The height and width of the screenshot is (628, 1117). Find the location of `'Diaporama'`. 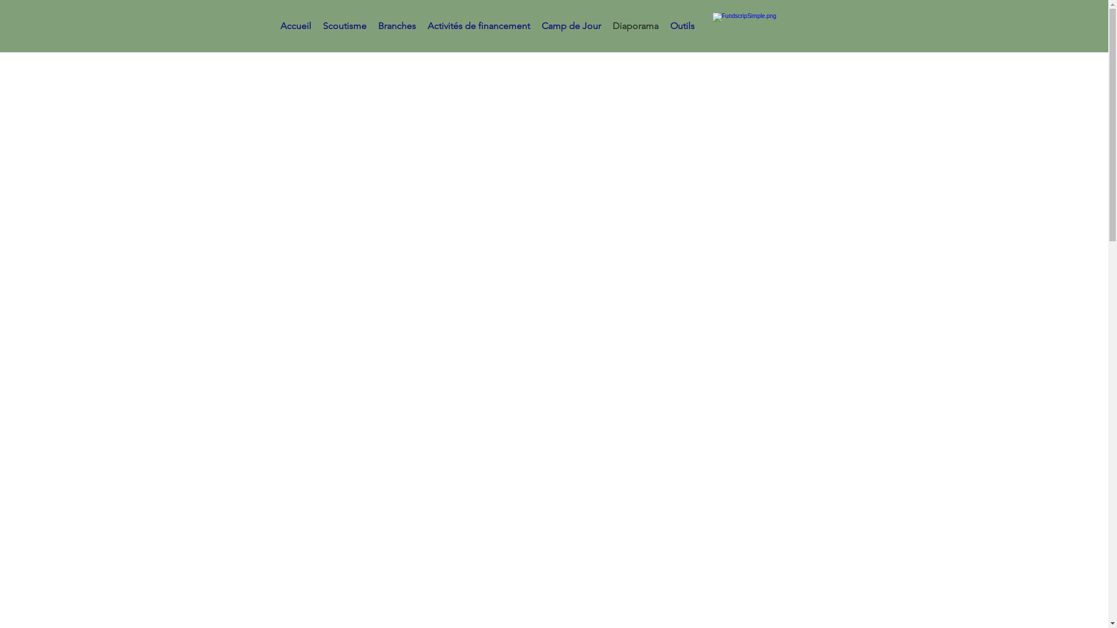

'Diaporama' is located at coordinates (635, 26).